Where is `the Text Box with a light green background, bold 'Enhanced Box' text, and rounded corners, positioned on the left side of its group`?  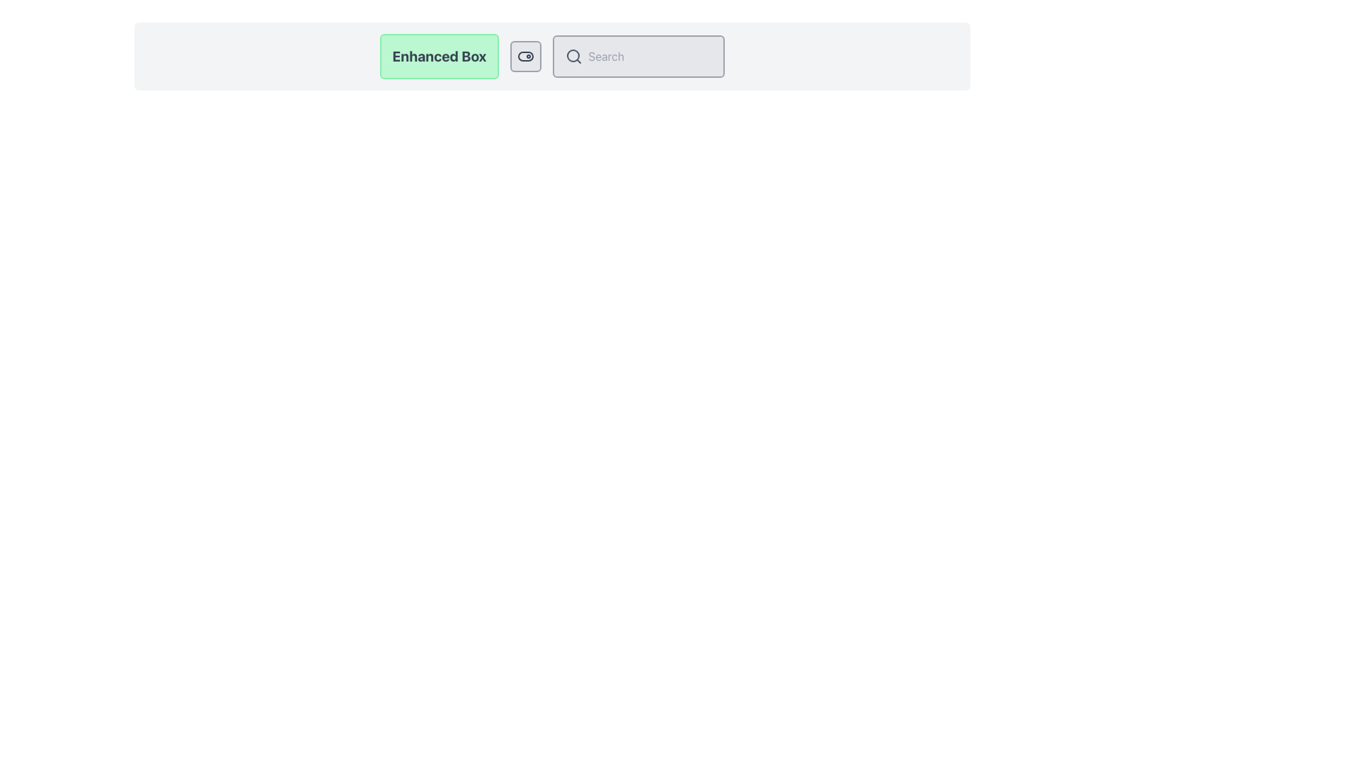
the Text Box with a light green background, bold 'Enhanced Box' text, and rounded corners, positioned on the left side of its group is located at coordinates (438, 56).